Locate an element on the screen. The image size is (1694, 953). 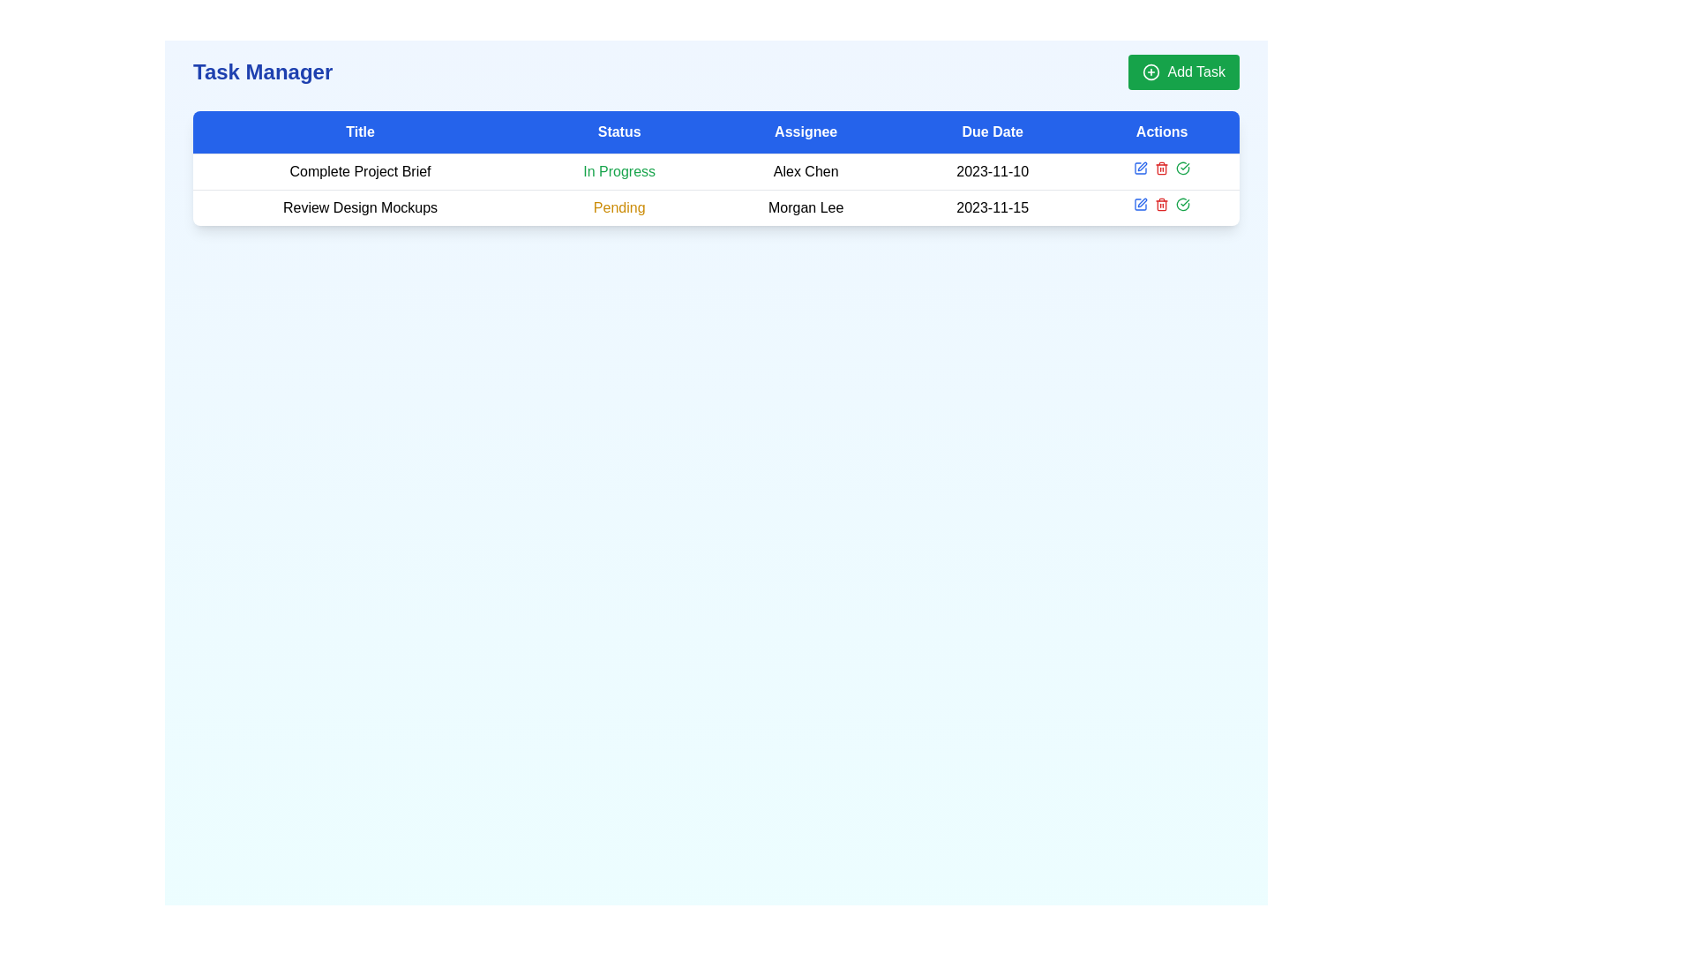
the 'Pending' text label in yellow-orange color located in the second row under the 'Status' column of the task management table, adjacent to 'Review Design Mockups' on the left and 'Morgan Lee' on the right is located at coordinates (619, 206).